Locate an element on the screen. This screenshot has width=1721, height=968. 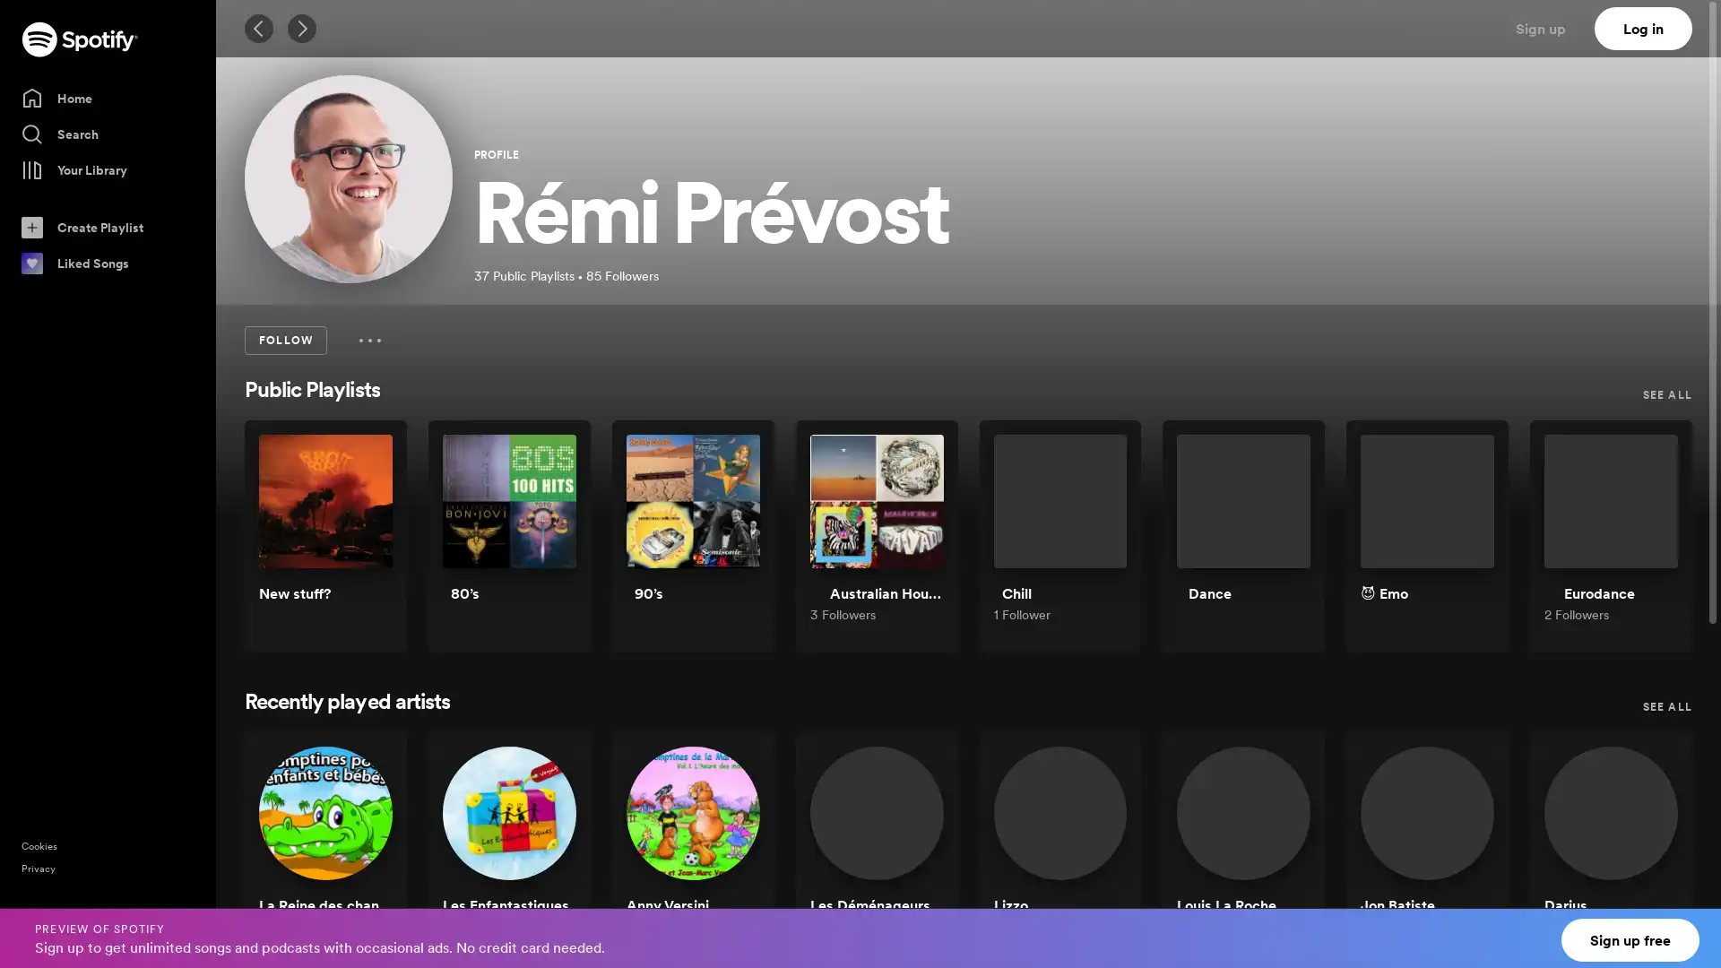
Play Les Demenageurs is located at coordinates (913, 856).